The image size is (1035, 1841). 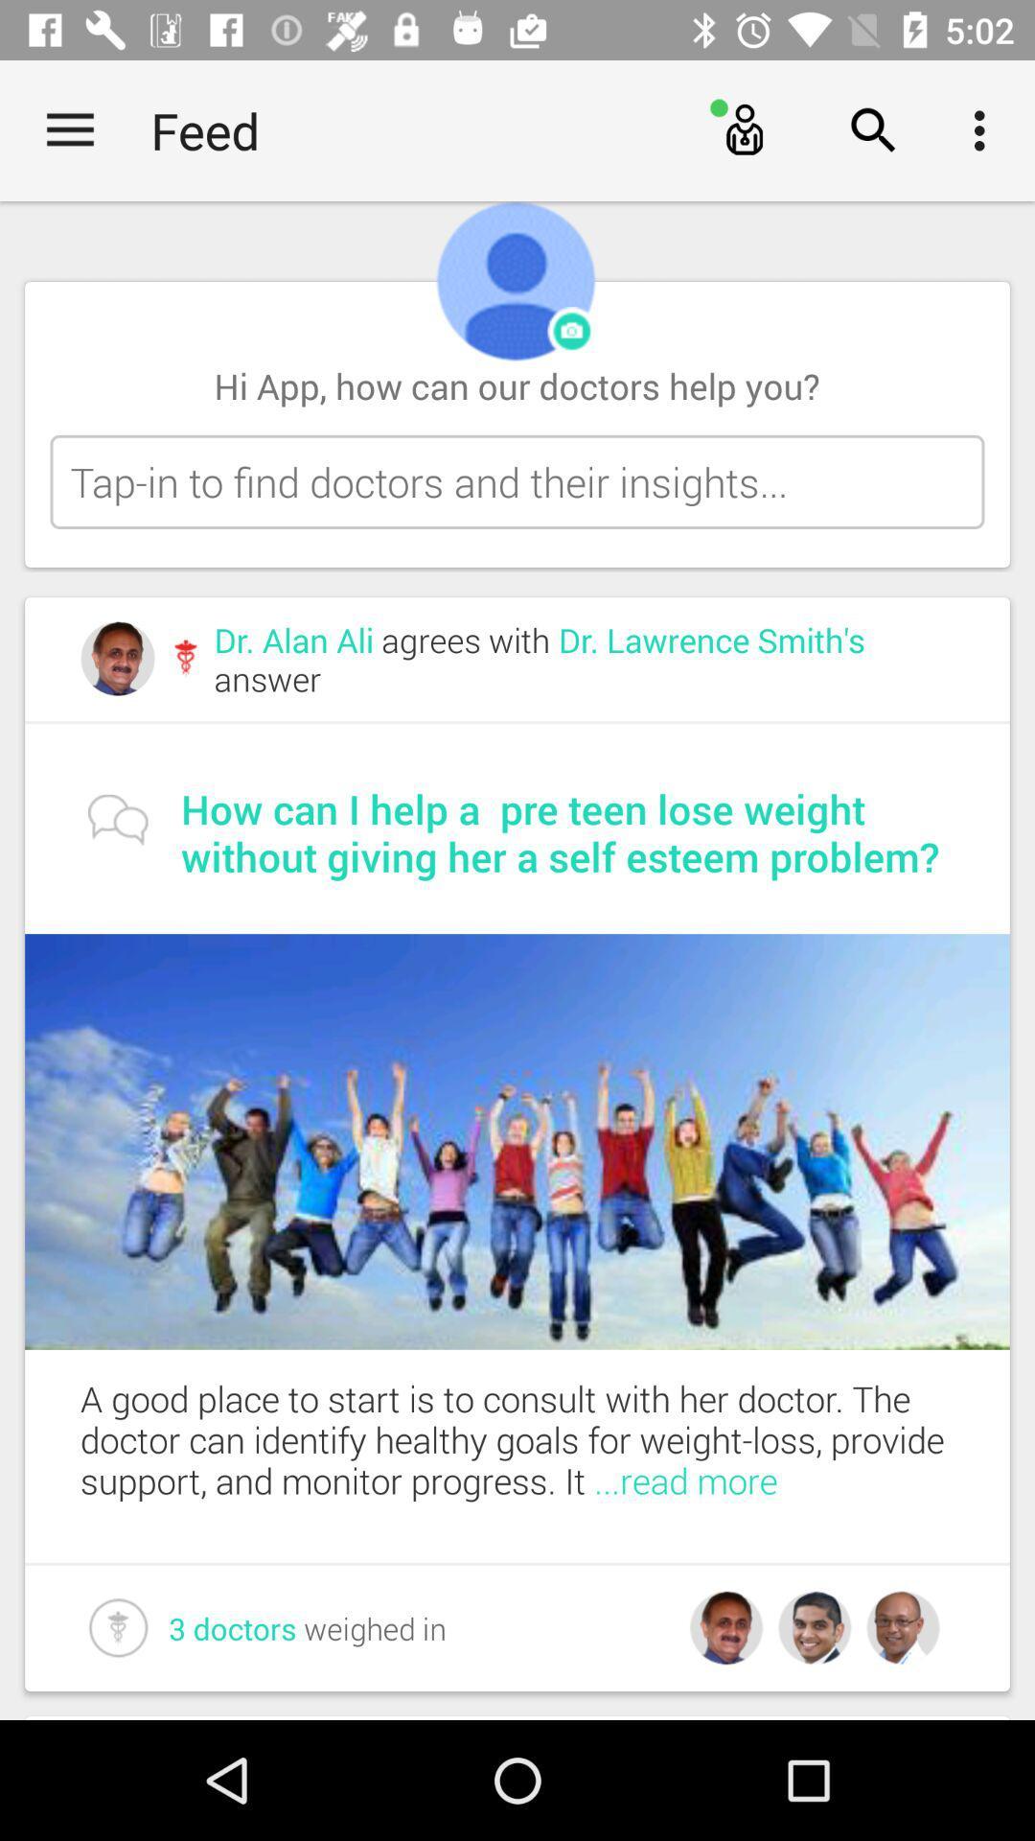 I want to click on the a good place, so click(x=544, y=1439).